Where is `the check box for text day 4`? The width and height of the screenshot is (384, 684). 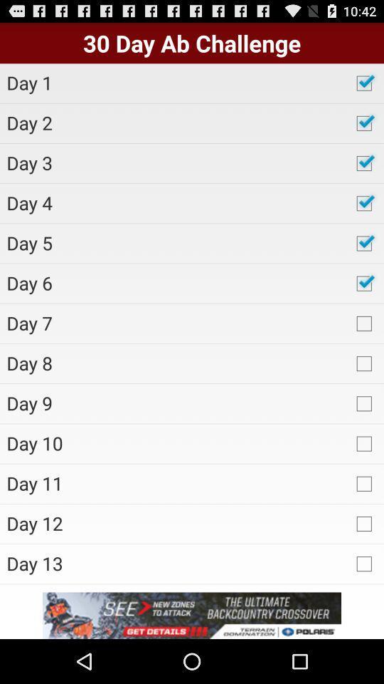
the check box for text day 4 is located at coordinates (363, 202).